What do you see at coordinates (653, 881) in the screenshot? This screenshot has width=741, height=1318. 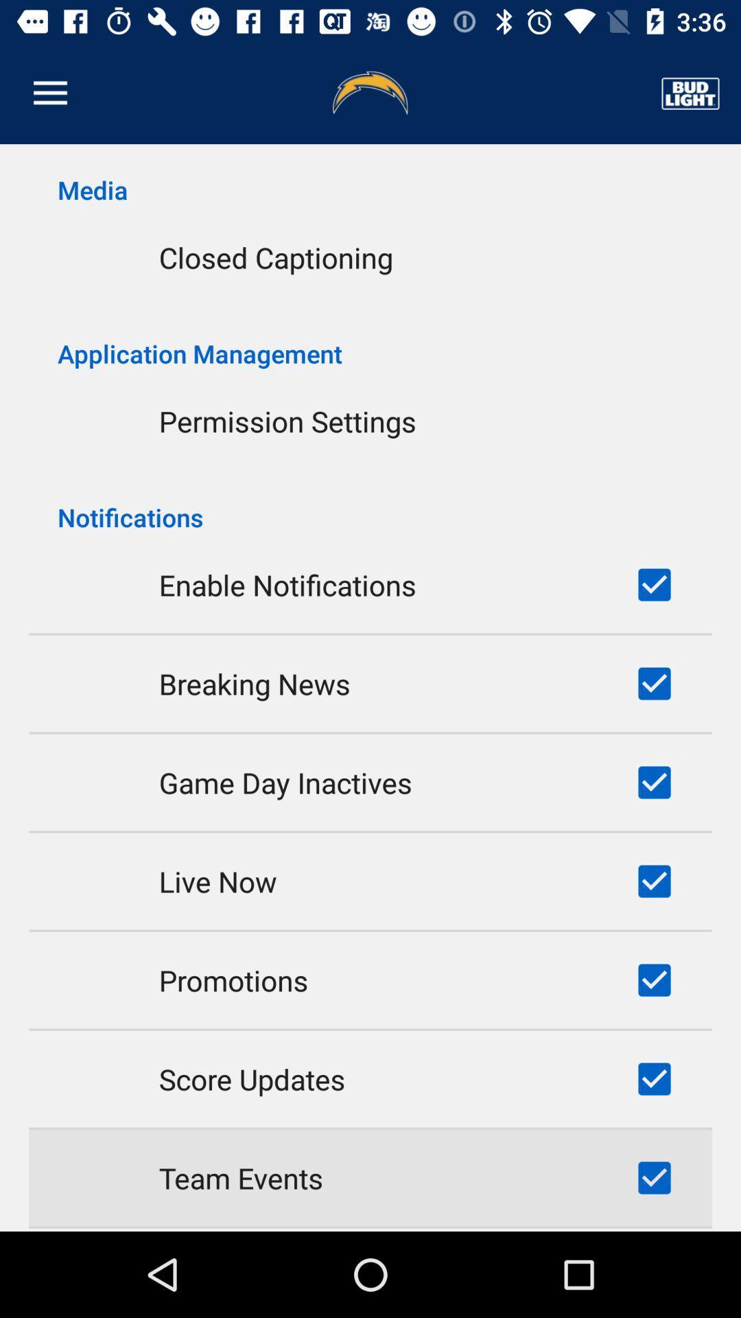 I see `the check box beside live now` at bounding box center [653, 881].